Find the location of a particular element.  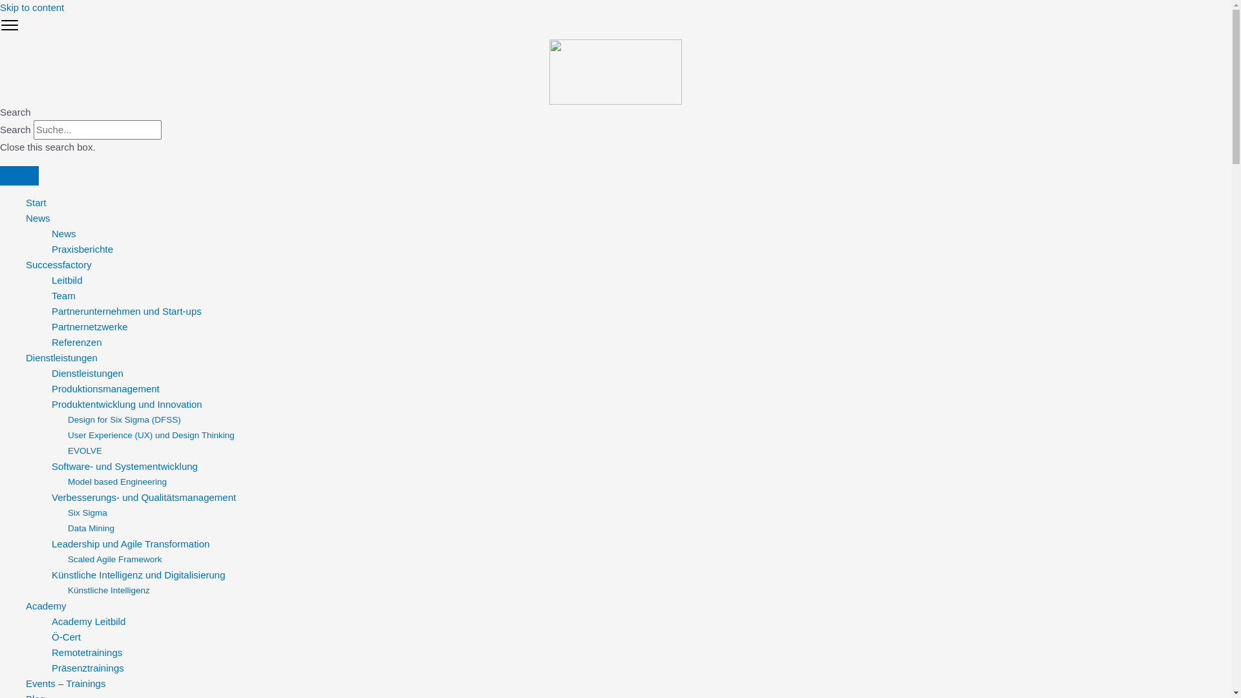

'Partnerunternehmen und Start-ups' is located at coordinates (127, 311).